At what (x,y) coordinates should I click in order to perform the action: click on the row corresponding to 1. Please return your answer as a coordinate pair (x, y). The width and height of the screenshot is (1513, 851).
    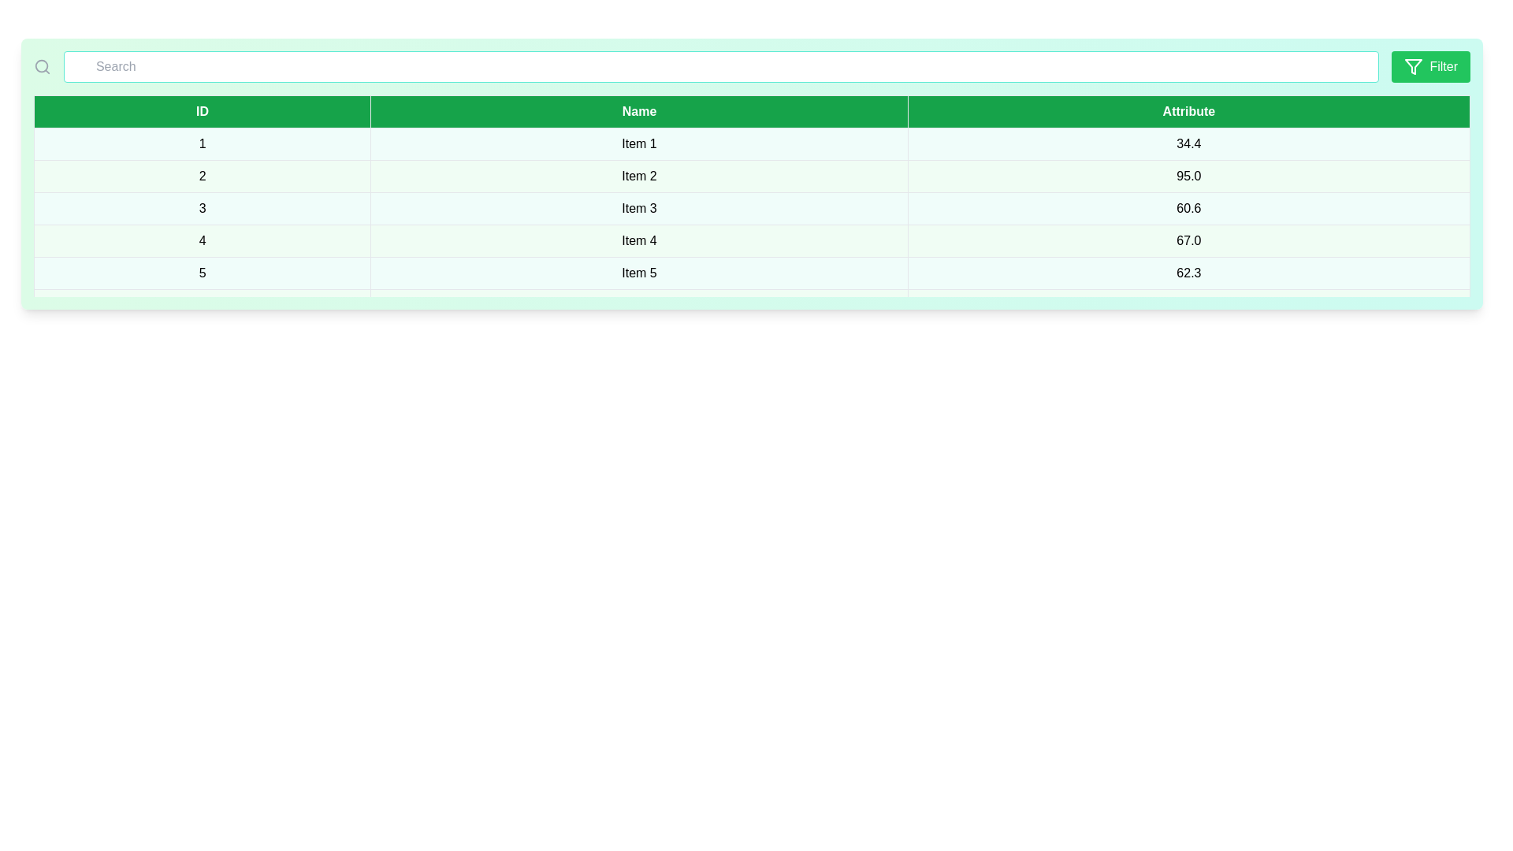
    Looking at the image, I should click on (393, 158).